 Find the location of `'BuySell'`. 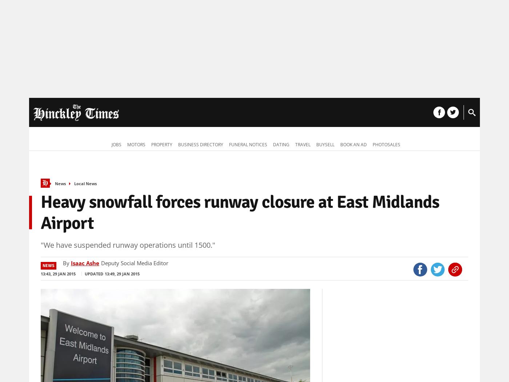

'BuySell' is located at coordinates (325, 144).